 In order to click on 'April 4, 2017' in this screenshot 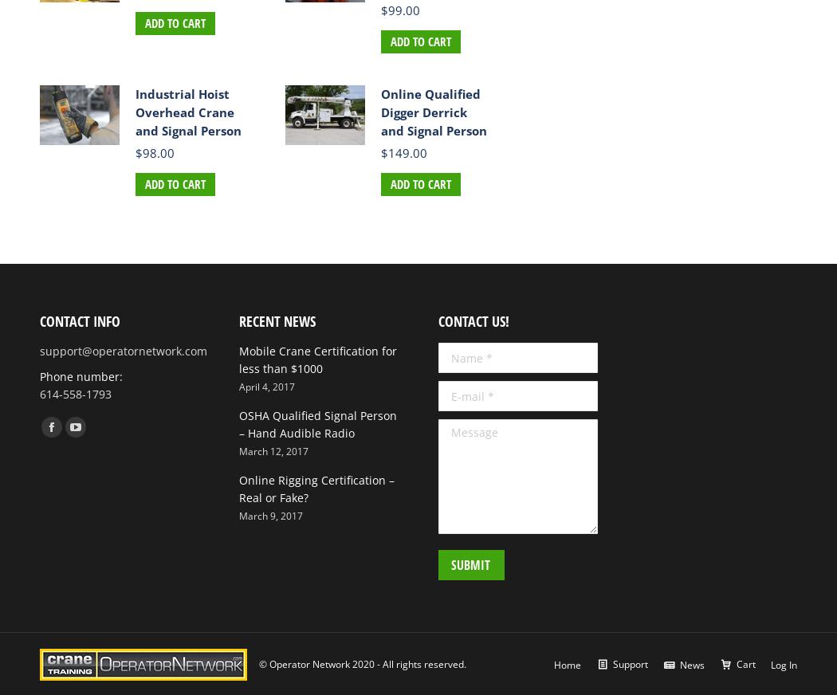, I will do `click(266, 386)`.